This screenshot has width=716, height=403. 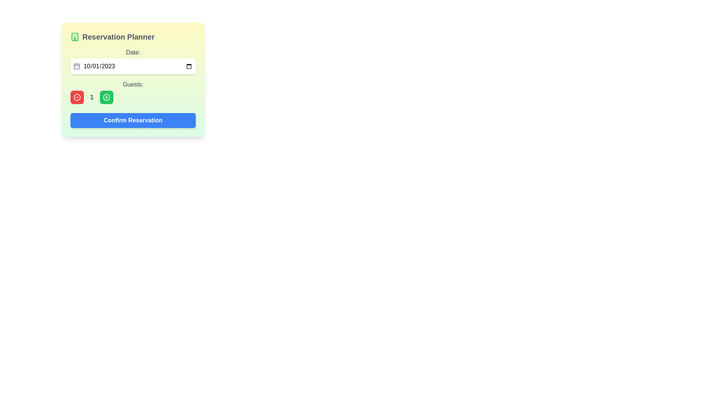 What do you see at coordinates (133, 84) in the screenshot?
I see `the text label that reads 'Guests:' which is positioned in a neutral gray shade, located in the middle section of the form interface, below the date input field` at bounding box center [133, 84].